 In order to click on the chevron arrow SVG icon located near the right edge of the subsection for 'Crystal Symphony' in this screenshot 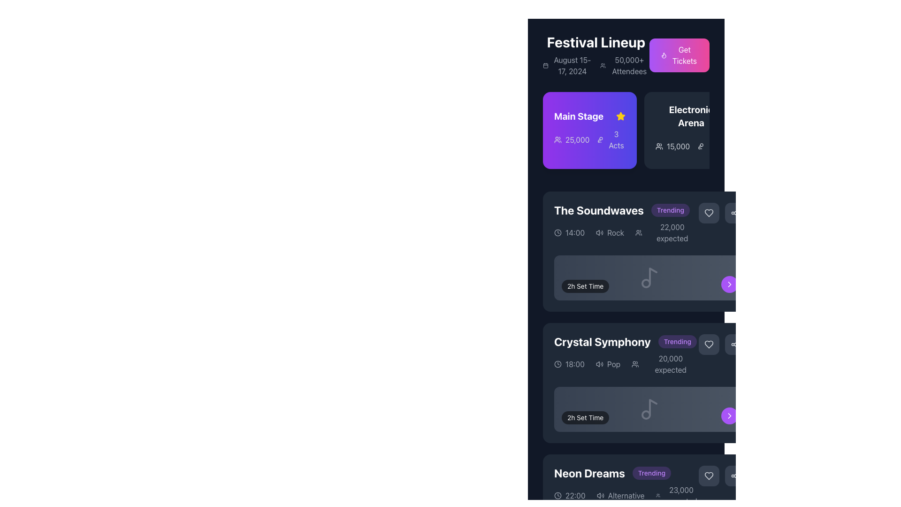, I will do `click(729, 415)`.